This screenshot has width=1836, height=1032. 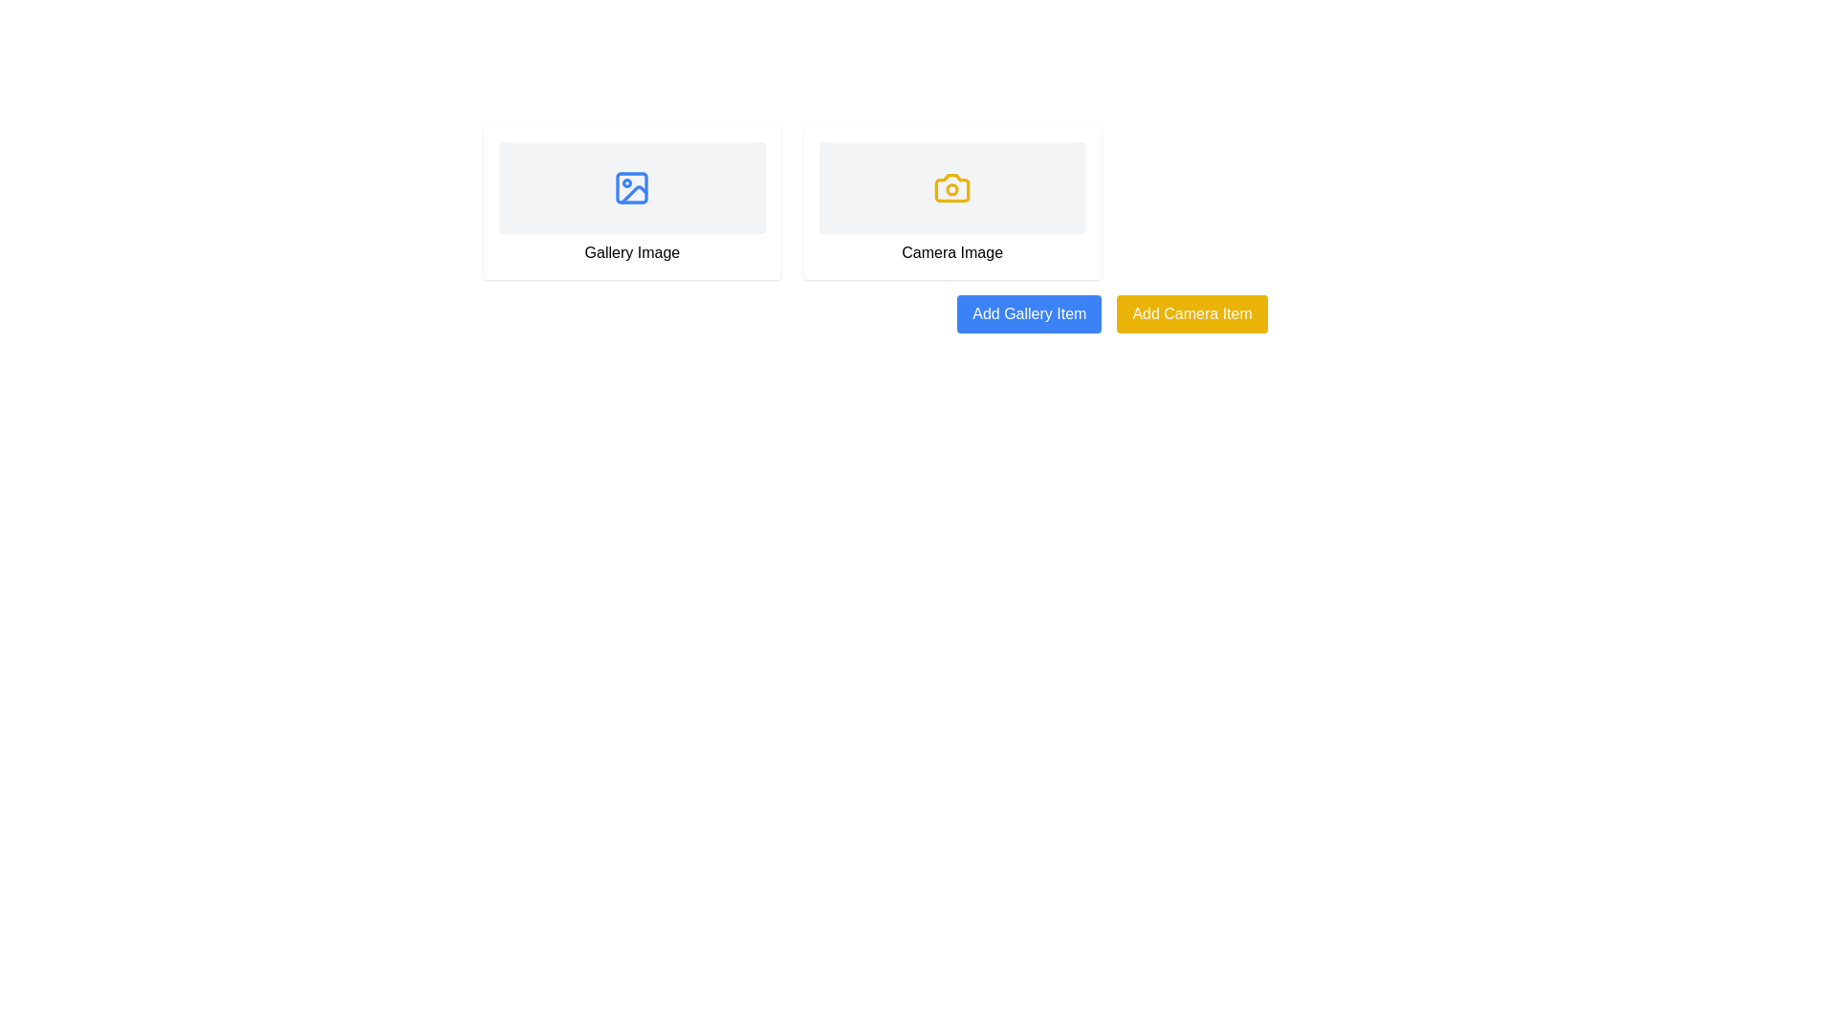 What do you see at coordinates (952, 187) in the screenshot?
I see `the camera icon, which is an outline styled with bold yellow strokes located at the center of the 'Camera Image' card, the second card from the left` at bounding box center [952, 187].